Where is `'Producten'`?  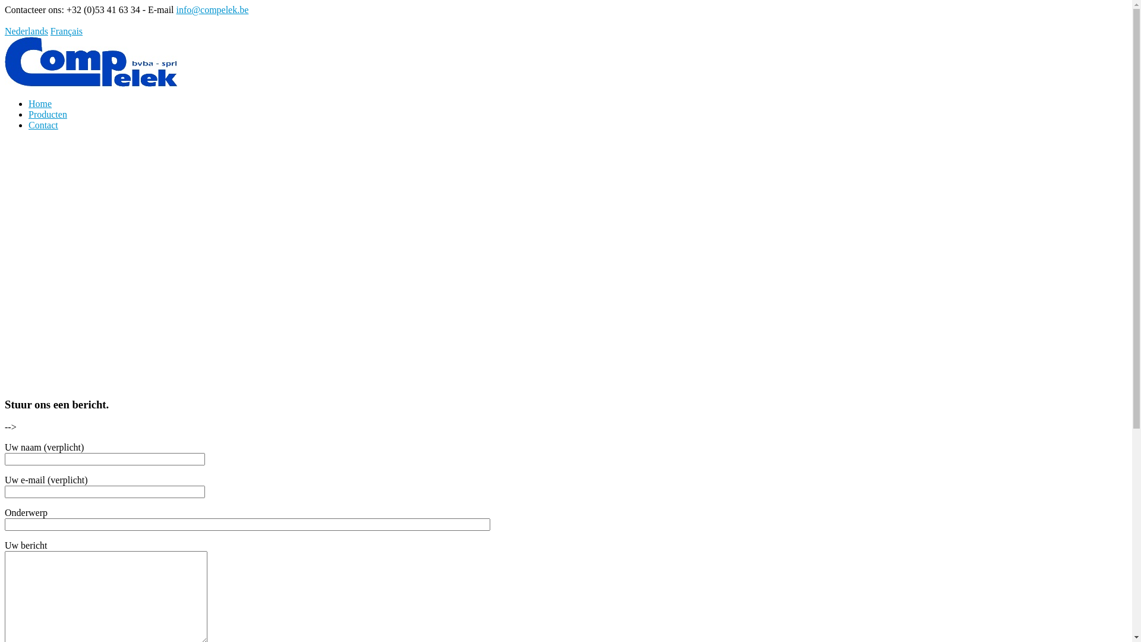
'Producten' is located at coordinates (48, 114).